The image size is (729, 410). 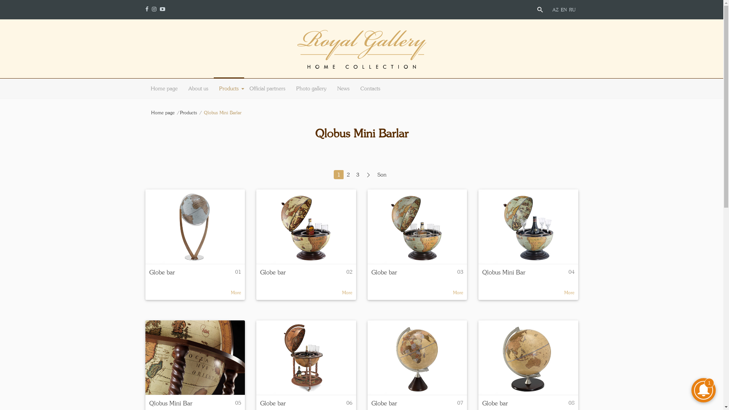 What do you see at coordinates (561, 9) in the screenshot?
I see `'EN'` at bounding box center [561, 9].